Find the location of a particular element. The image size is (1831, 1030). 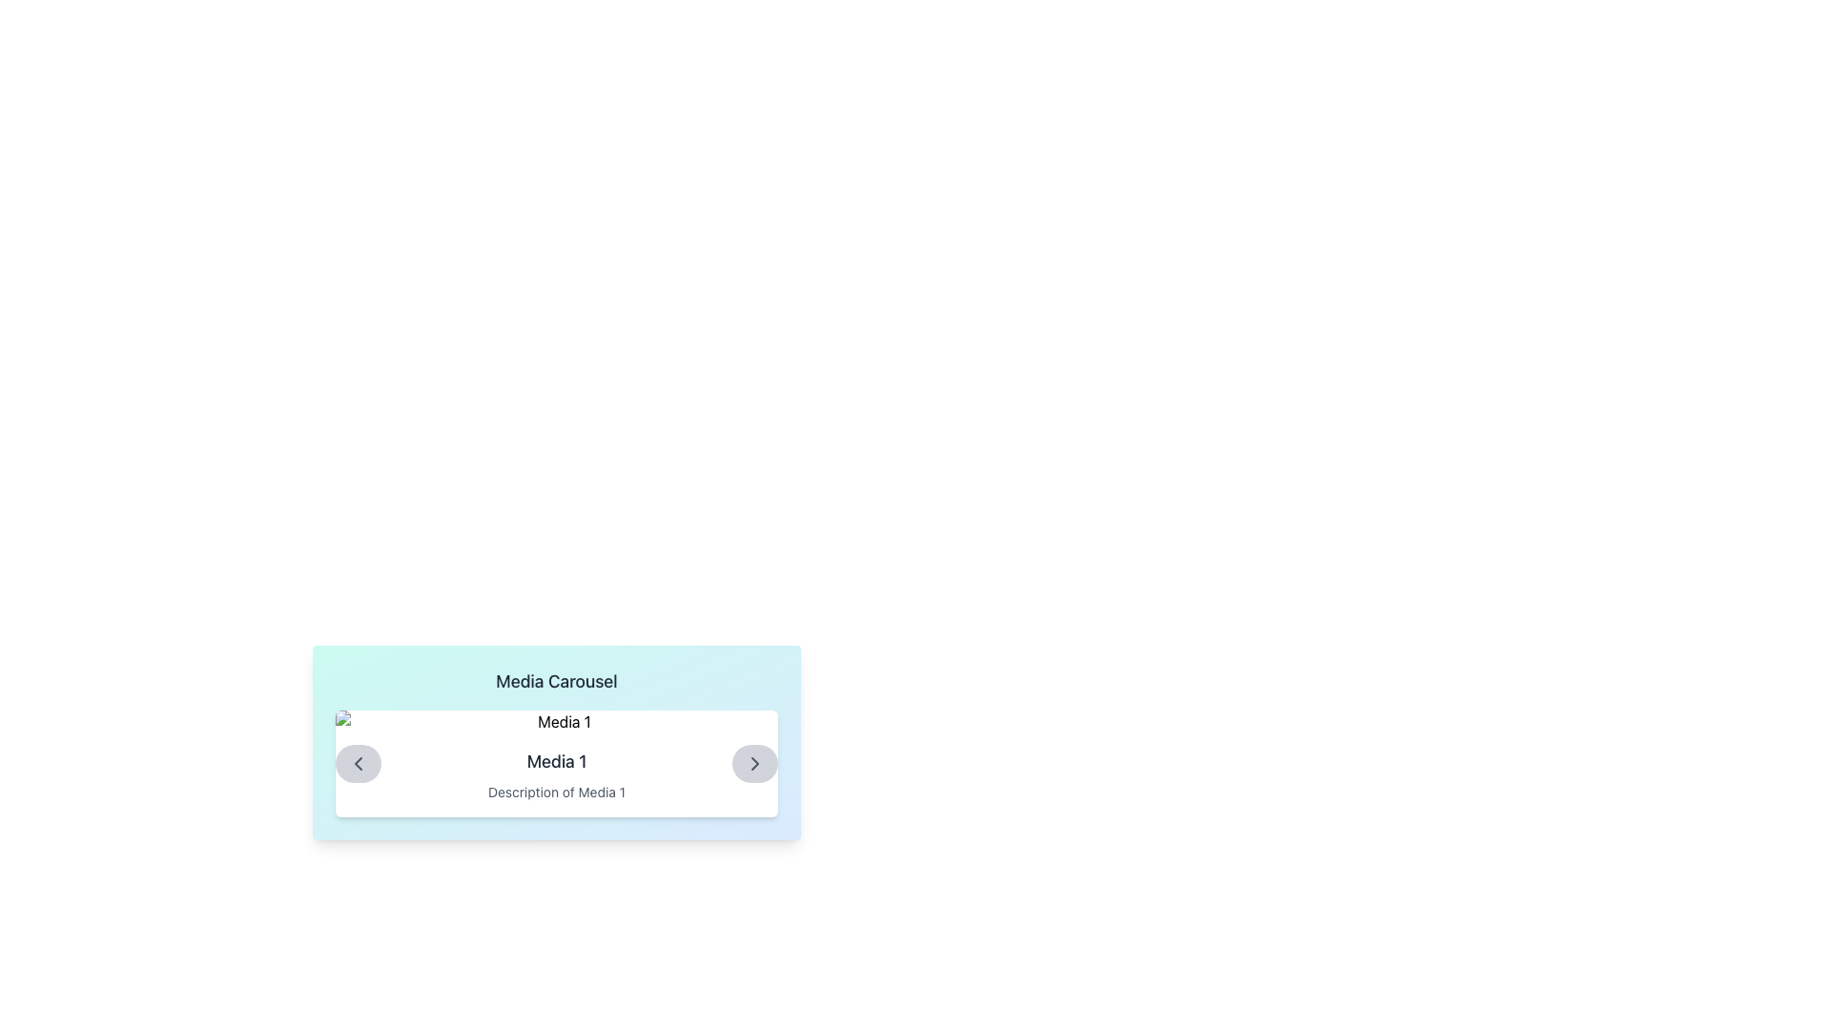

the circular button containing the chevron right icon is located at coordinates (754, 763).